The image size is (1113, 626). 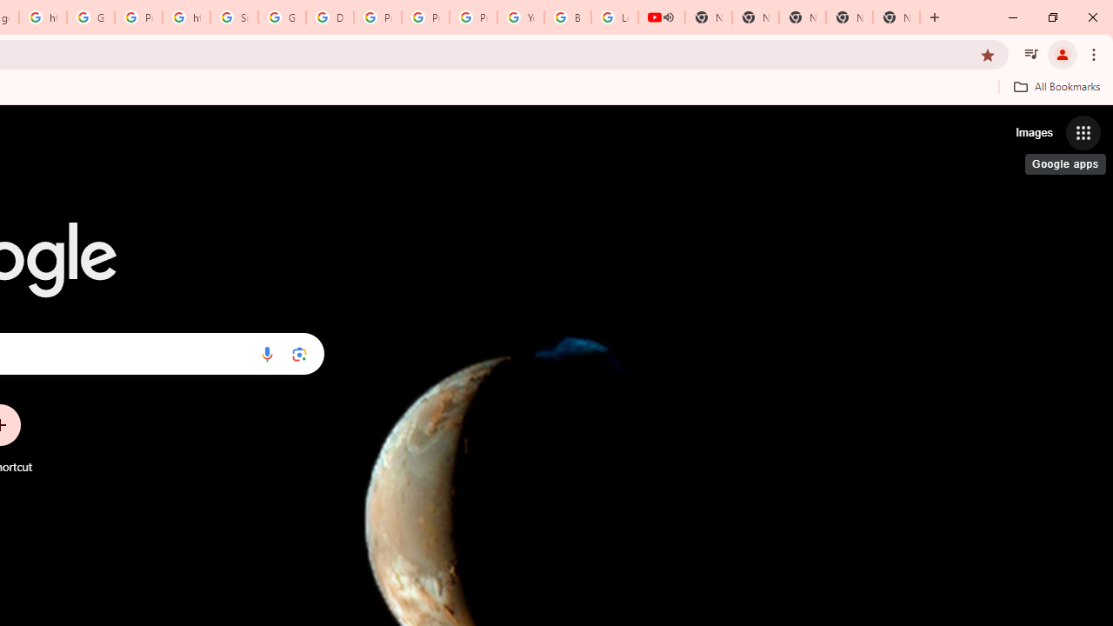 What do you see at coordinates (1034, 132) in the screenshot?
I see `'Search for Images '` at bounding box center [1034, 132].